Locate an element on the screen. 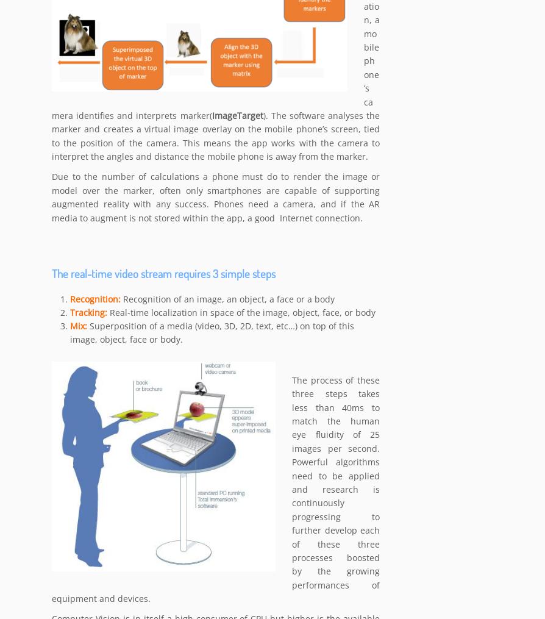 The width and height of the screenshot is (545, 619). 'The process of these three steps takes less than 40ms to match the human eye fluidity of 25 images per second. Powerful algorithms need to be applied and research is continuously progressing to further develop each of these three processes boosted by the growing performances of equipment and devices.' is located at coordinates (215, 490).